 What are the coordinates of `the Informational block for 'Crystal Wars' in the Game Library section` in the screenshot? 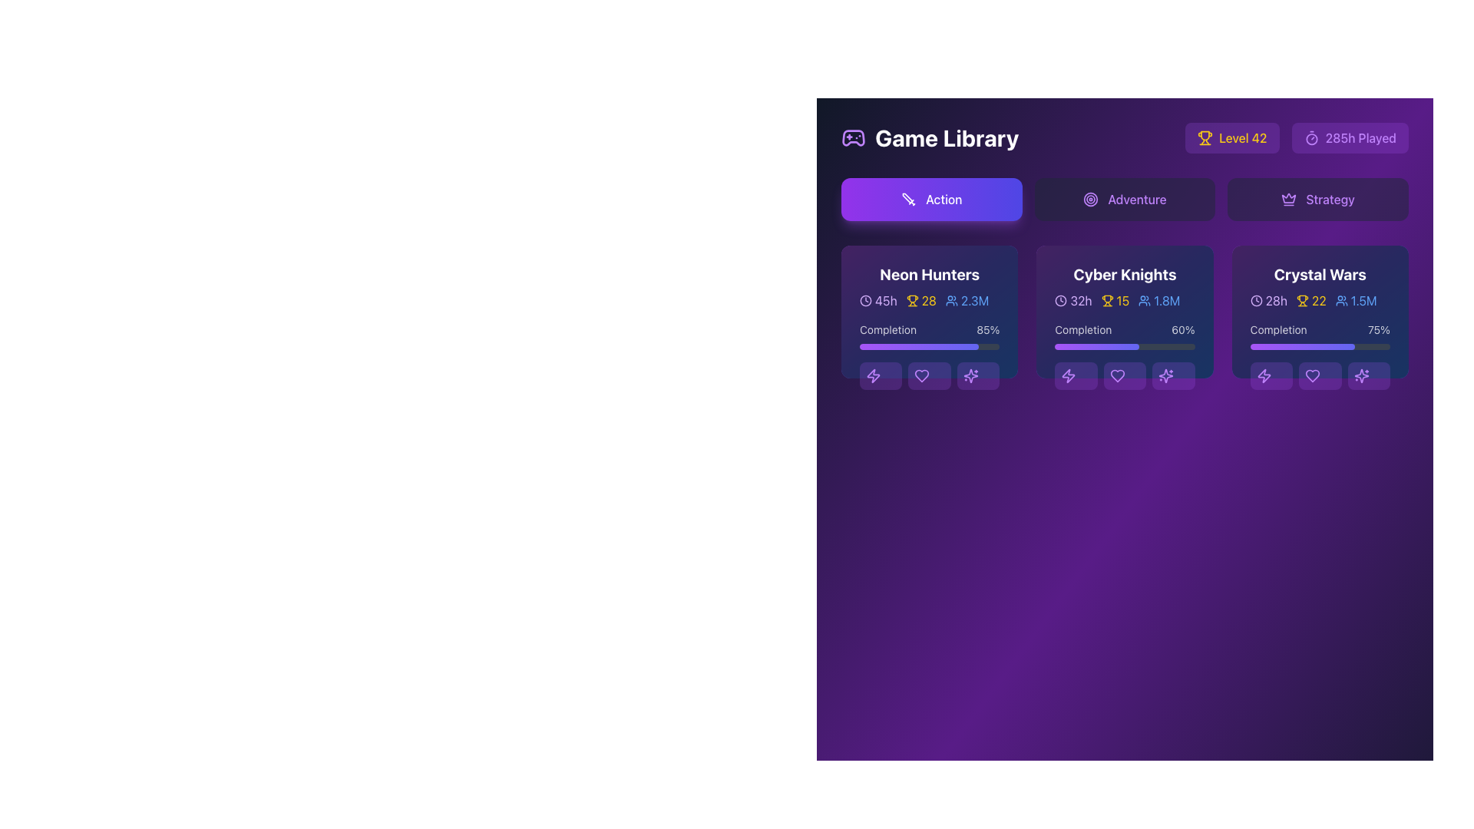 It's located at (1319, 292).